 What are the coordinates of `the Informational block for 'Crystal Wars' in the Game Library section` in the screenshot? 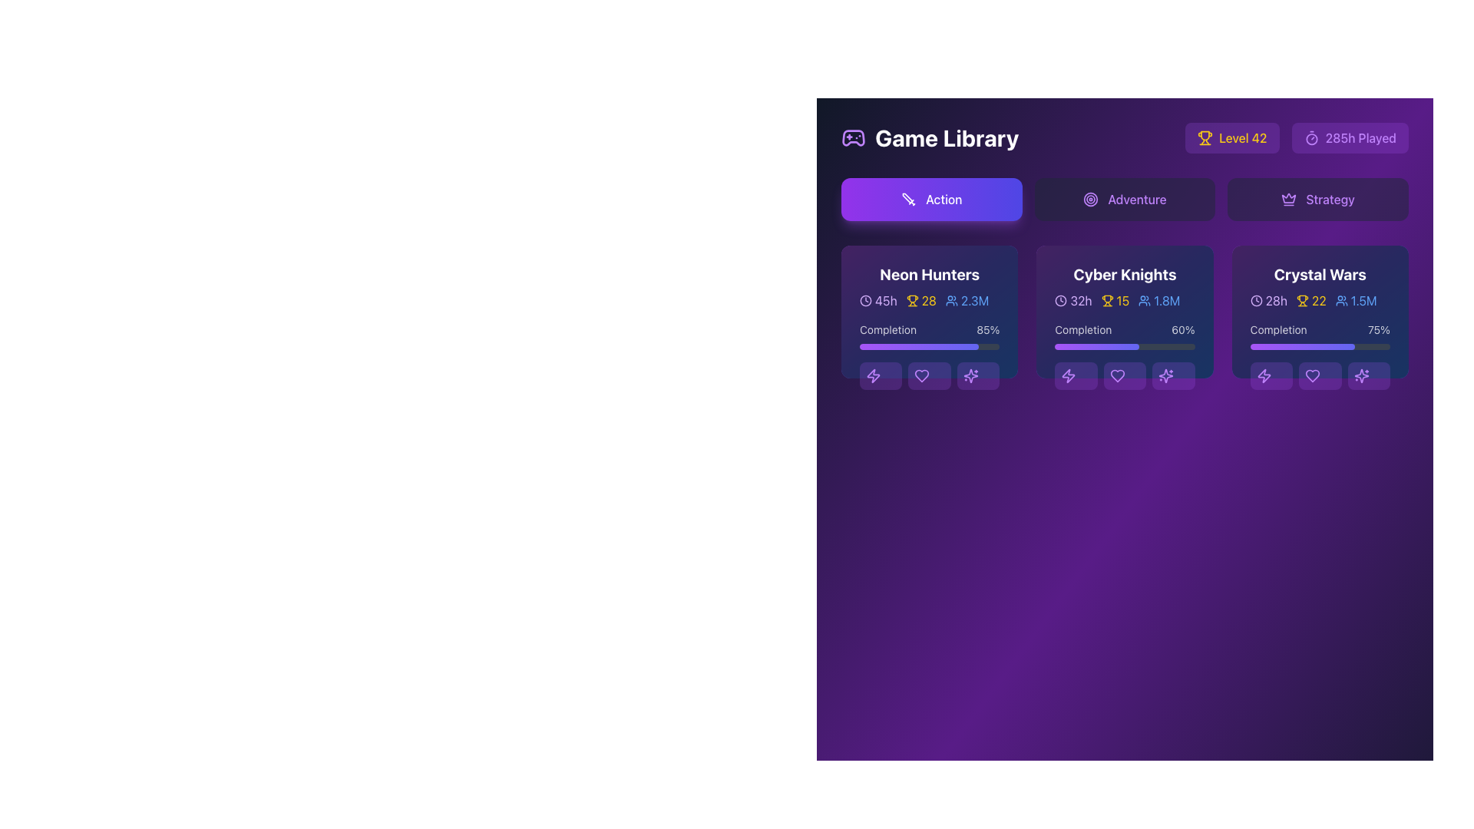 It's located at (1319, 292).